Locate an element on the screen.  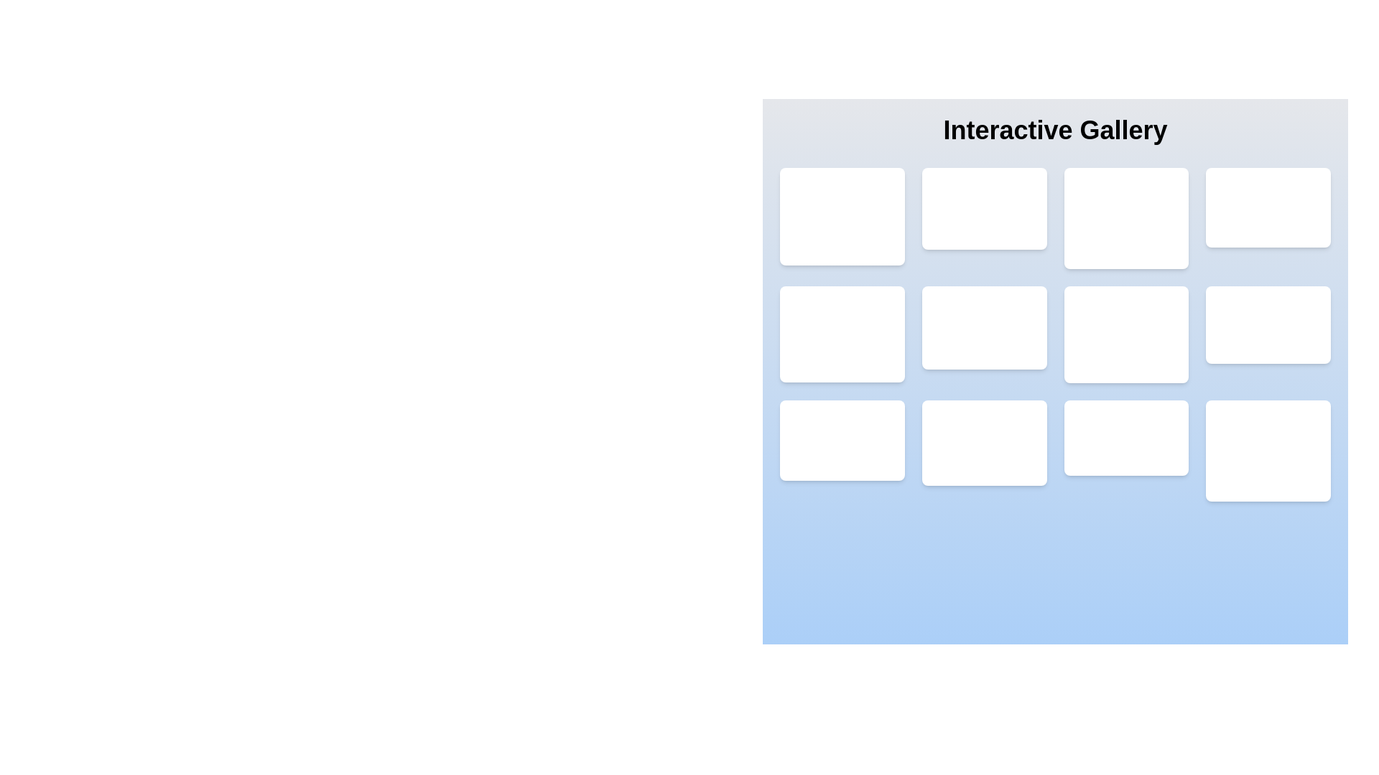
the Content card titled 'Artwork #4' which contains a description about the artwork is located at coordinates (1268, 207).